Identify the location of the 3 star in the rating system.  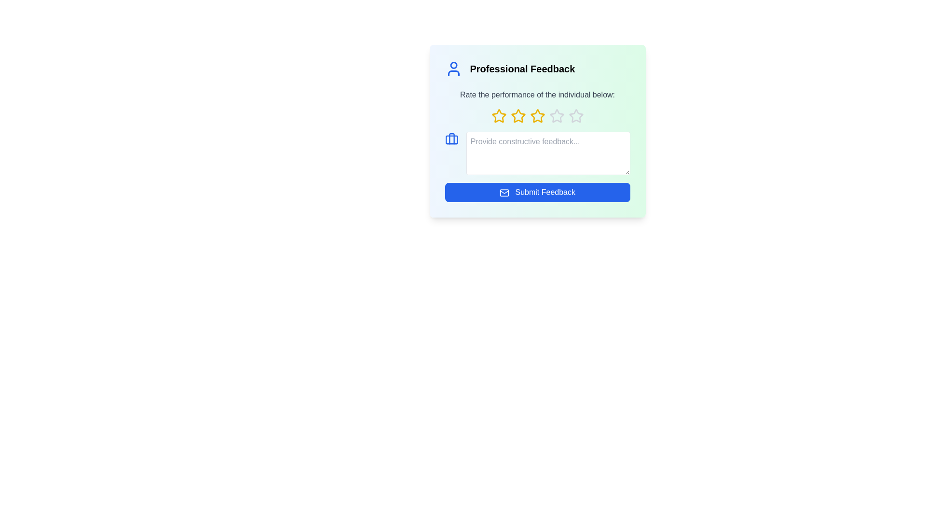
(537, 115).